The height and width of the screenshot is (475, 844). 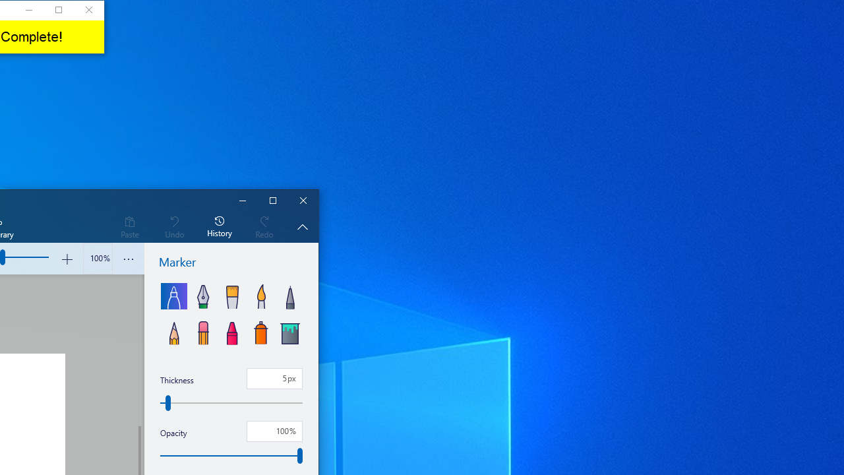 What do you see at coordinates (129, 226) in the screenshot?
I see `'Paste'` at bounding box center [129, 226].